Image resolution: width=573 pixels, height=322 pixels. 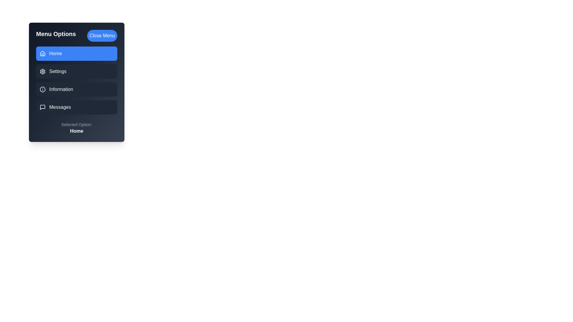 I want to click on the Navigation button, which is the third option within the dark-themed menu card with a dark gray gradient background, so click(x=76, y=82).